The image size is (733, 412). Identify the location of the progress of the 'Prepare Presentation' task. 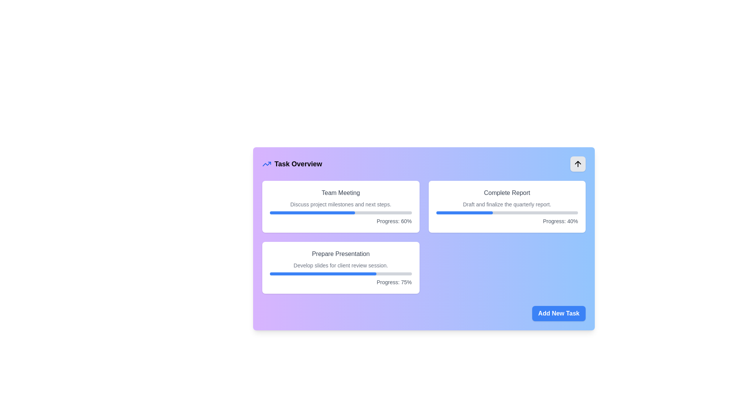
(306, 273).